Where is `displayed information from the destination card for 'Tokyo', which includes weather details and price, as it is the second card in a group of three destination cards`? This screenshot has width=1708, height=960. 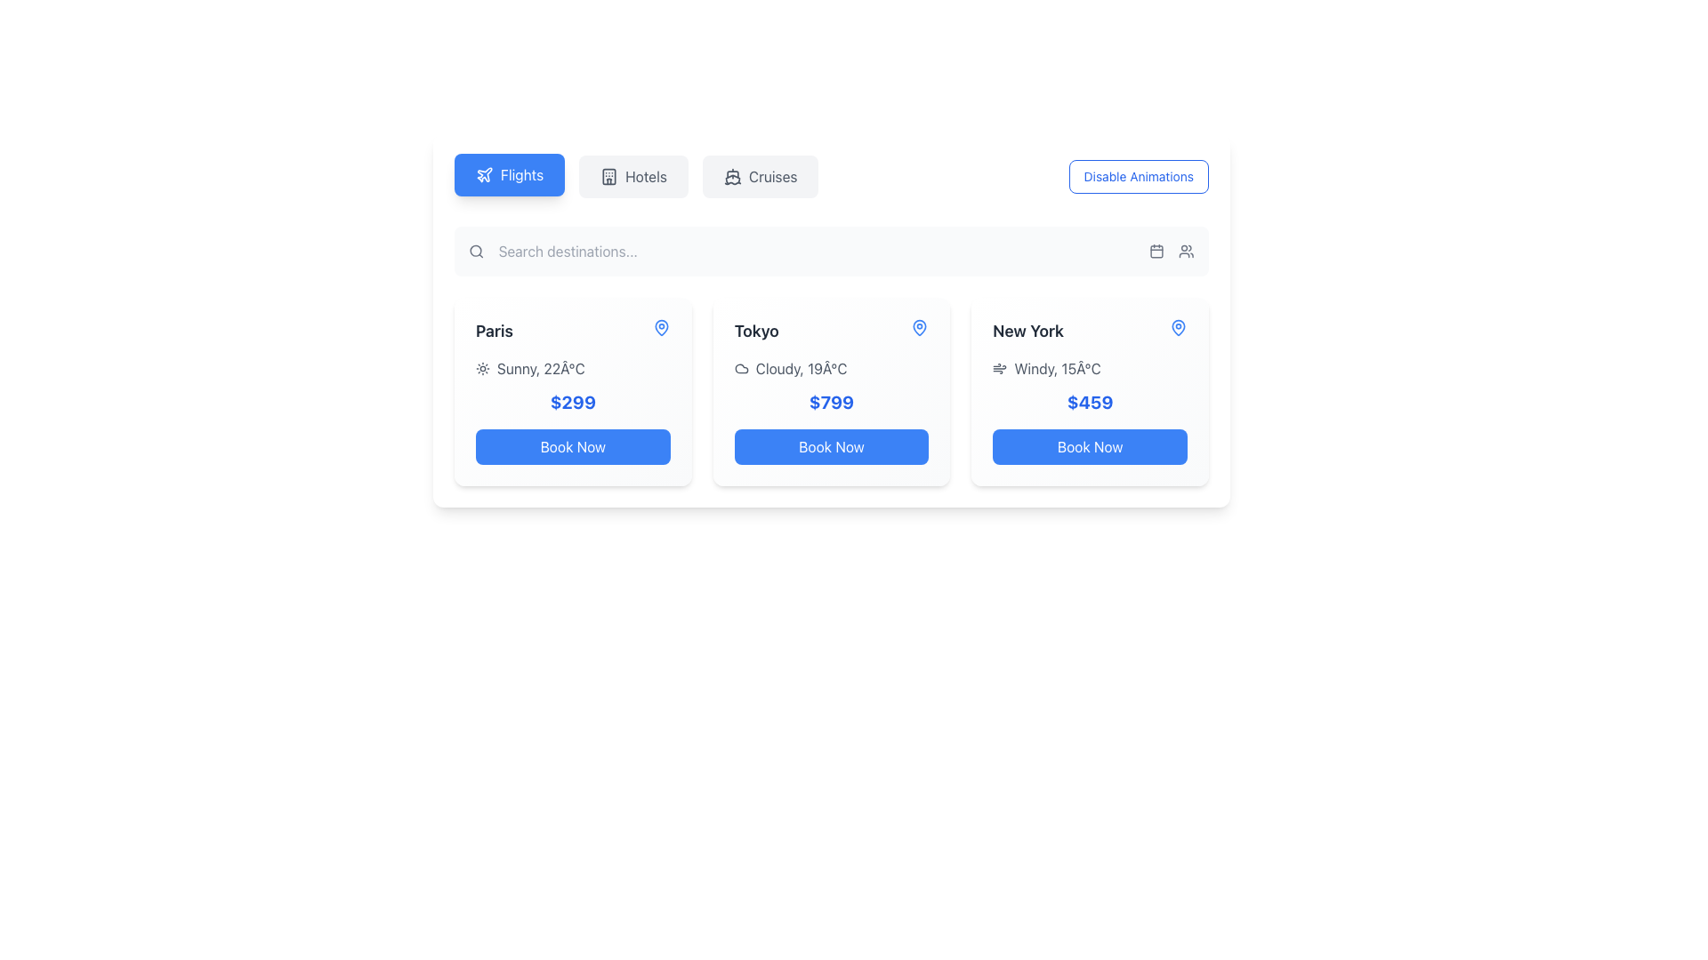
displayed information from the destination card for 'Tokyo', which includes weather details and price, as it is the second card in a group of three destination cards is located at coordinates (831, 356).